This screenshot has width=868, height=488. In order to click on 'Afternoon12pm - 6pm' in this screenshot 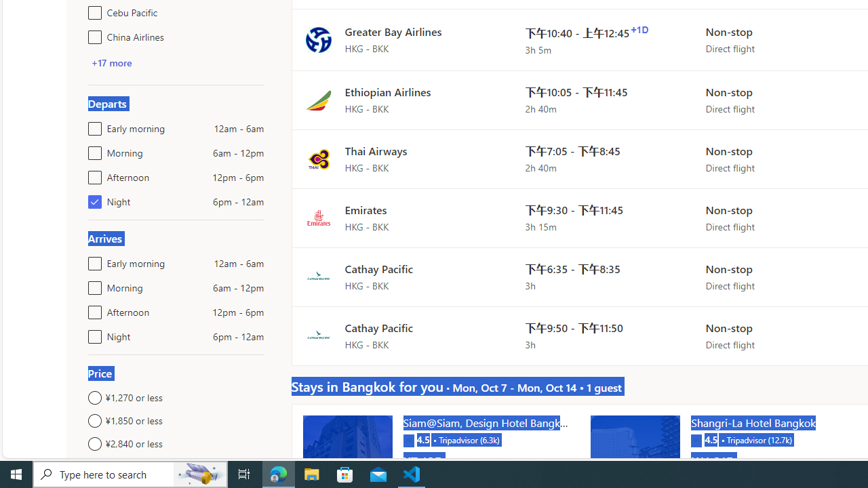, I will do `click(92, 309)`.